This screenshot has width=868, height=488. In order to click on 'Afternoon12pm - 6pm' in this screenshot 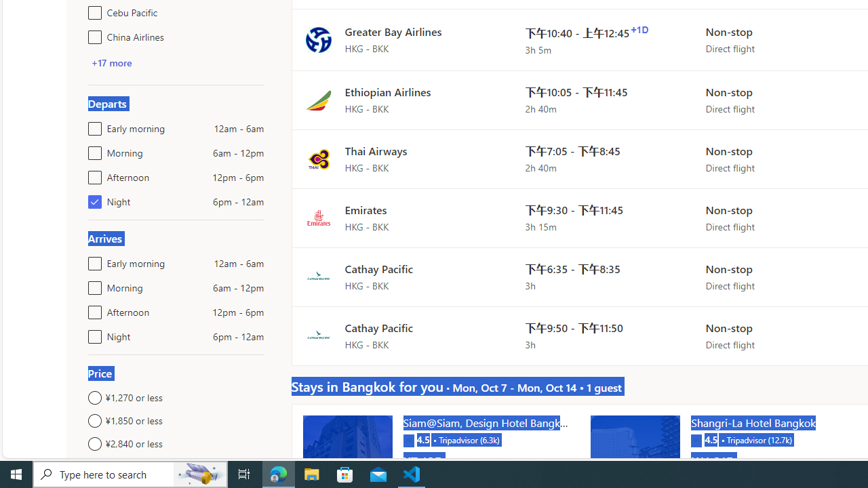, I will do `click(92, 309)`.